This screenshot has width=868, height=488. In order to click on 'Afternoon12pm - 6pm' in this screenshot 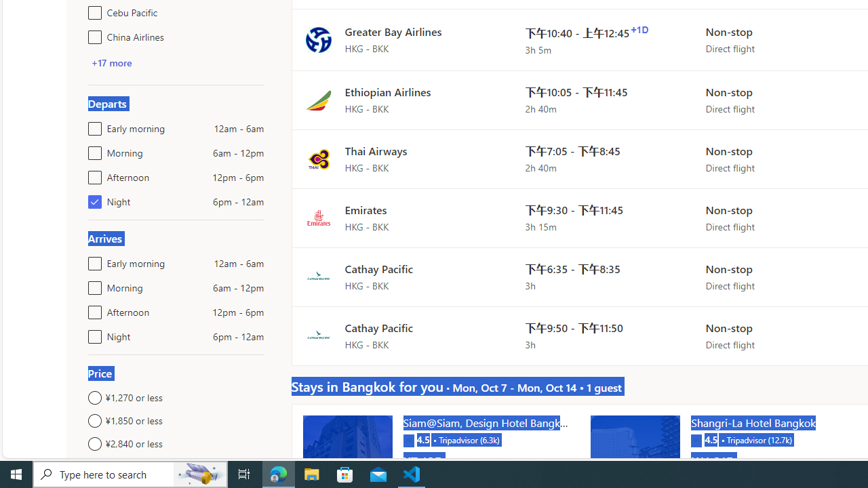, I will do `click(92, 309)`.